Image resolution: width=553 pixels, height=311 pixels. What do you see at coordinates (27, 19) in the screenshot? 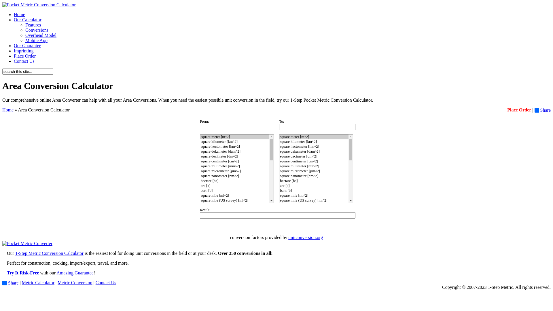
I see `'Our Calculator'` at bounding box center [27, 19].